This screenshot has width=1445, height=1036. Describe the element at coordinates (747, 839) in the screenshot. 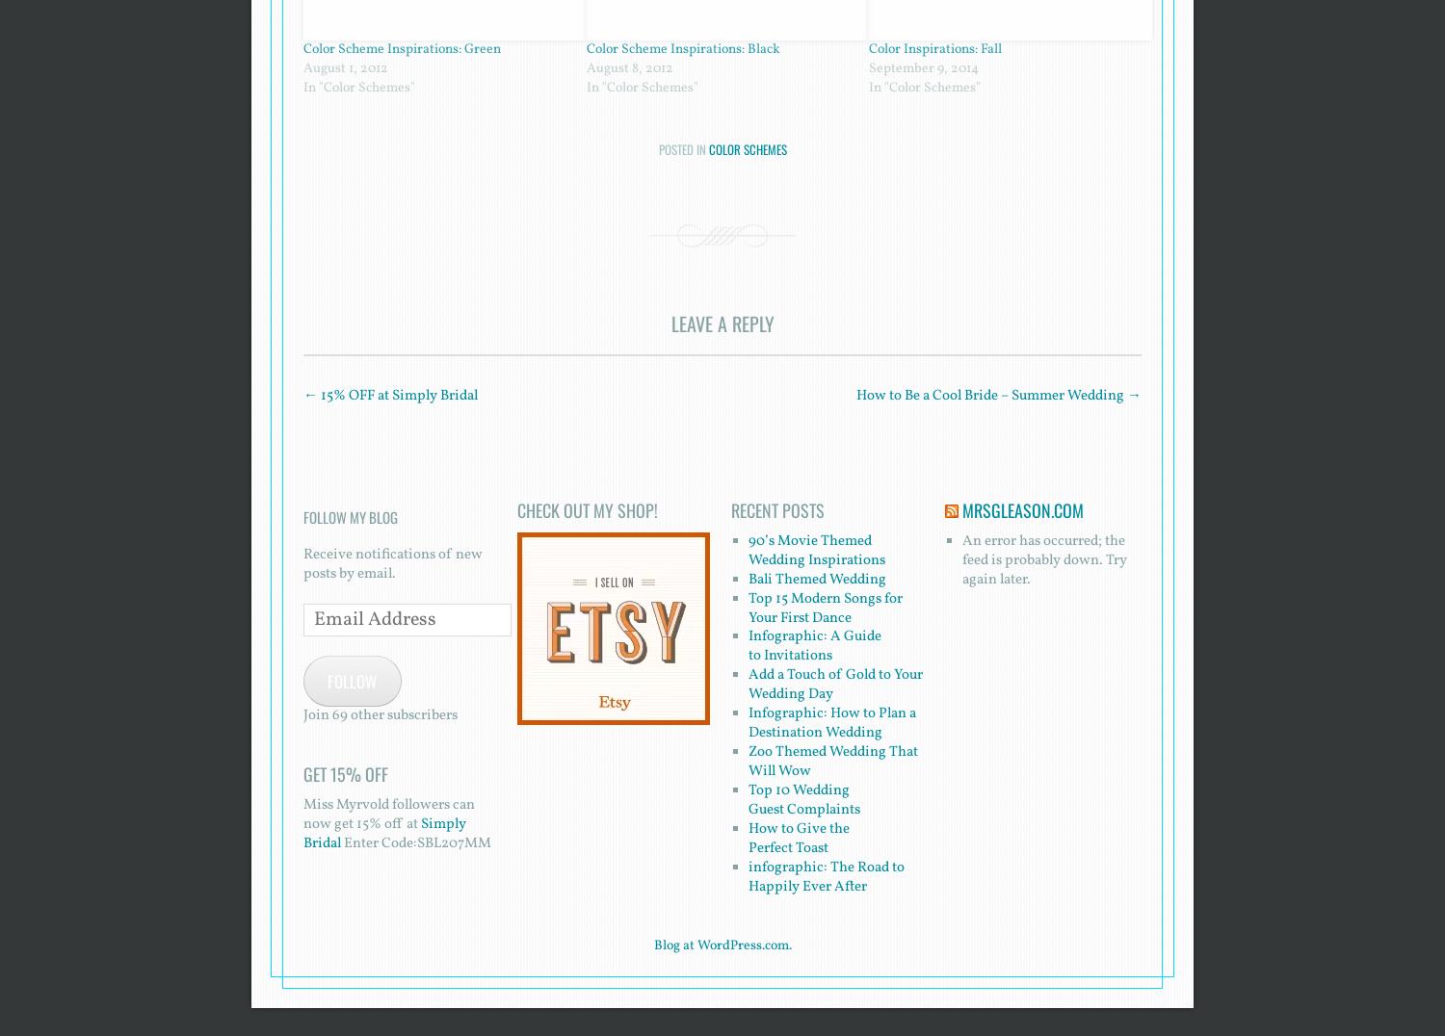

I see `'How to Give the Perfect Toast'` at that location.